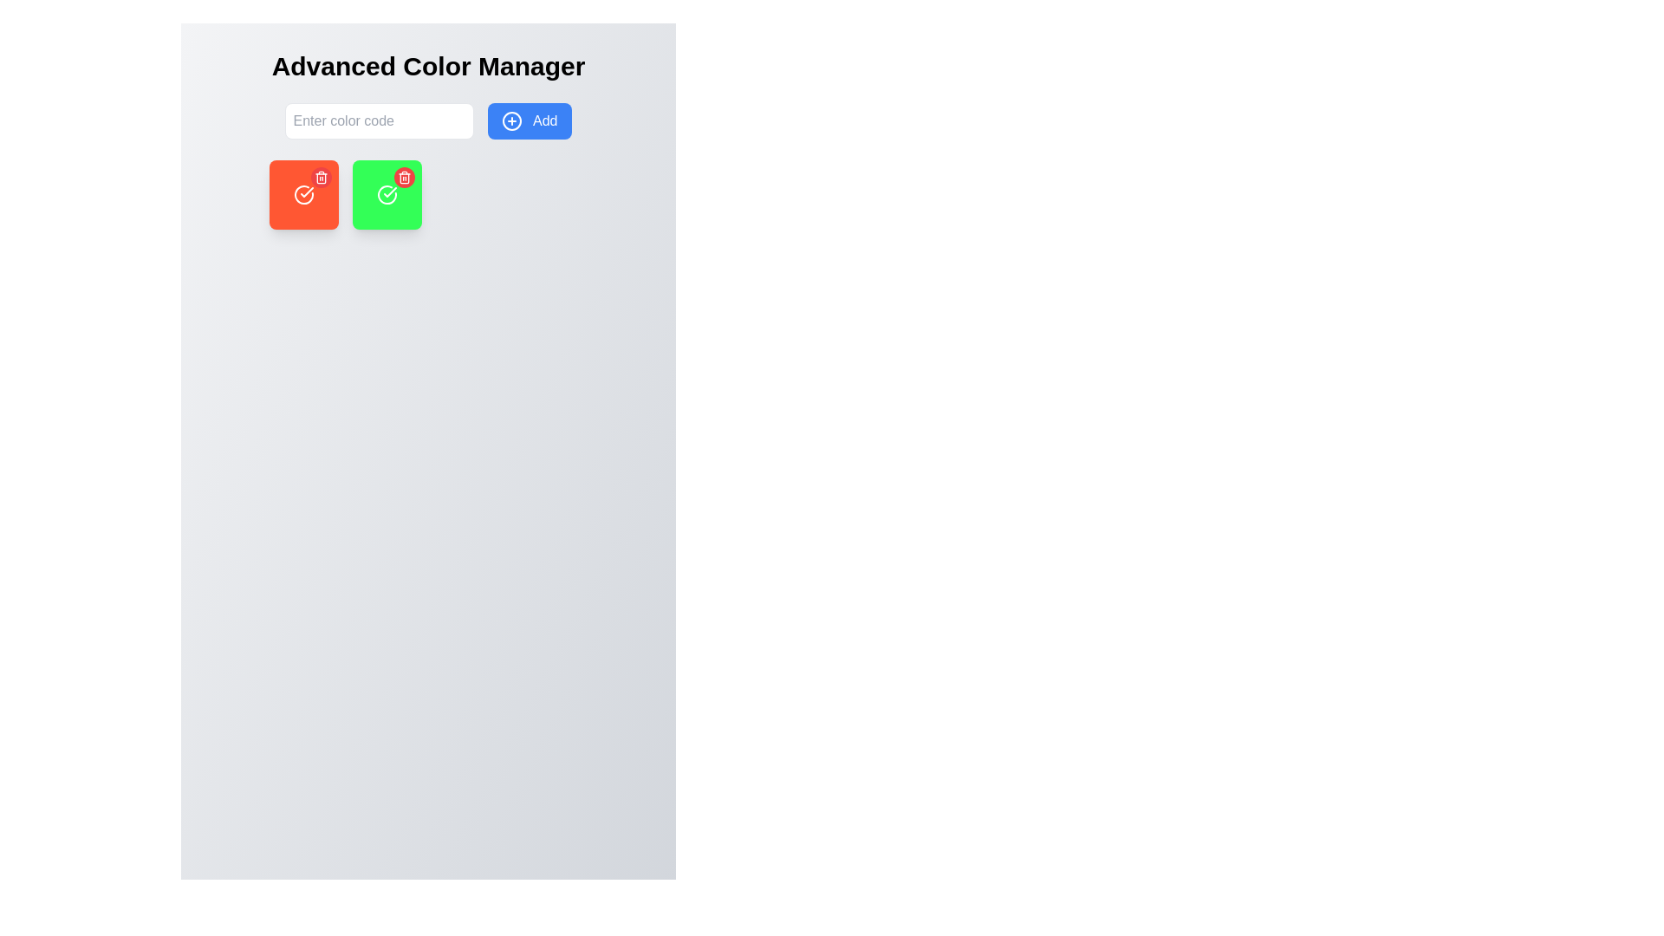  What do you see at coordinates (529, 120) in the screenshot?
I see `the 'Add' button located at the top-right corner of the section, which has a blue background, white text, and a plus icon` at bounding box center [529, 120].